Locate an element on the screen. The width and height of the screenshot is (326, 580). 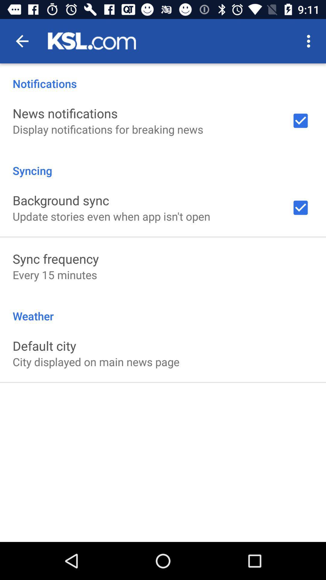
the item below news notifications app is located at coordinates (107, 129).